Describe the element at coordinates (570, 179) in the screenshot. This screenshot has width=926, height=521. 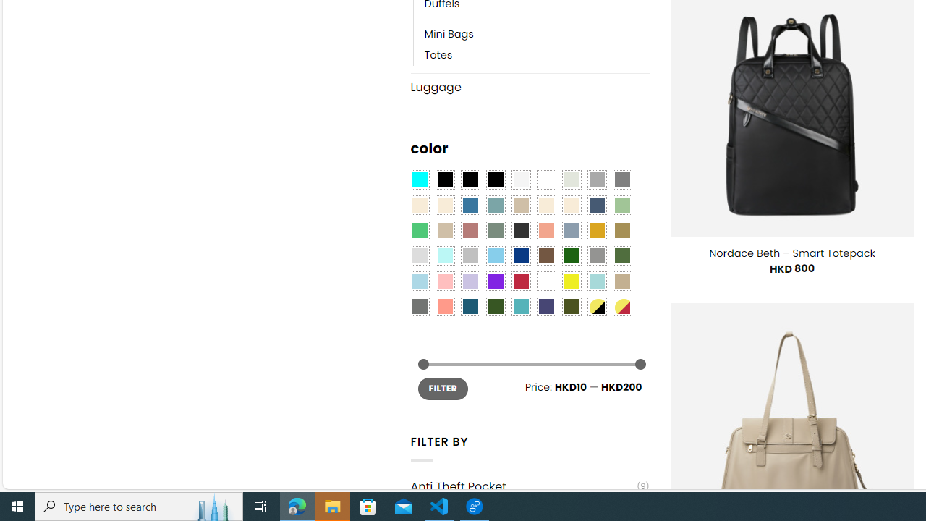
I see `'Ash Gray'` at that location.